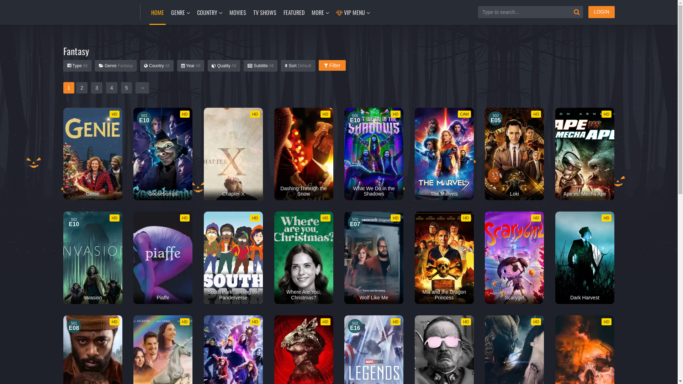 The width and height of the screenshot is (683, 384). I want to click on 'Ape vs. Mecha Ape, so click(584, 153).